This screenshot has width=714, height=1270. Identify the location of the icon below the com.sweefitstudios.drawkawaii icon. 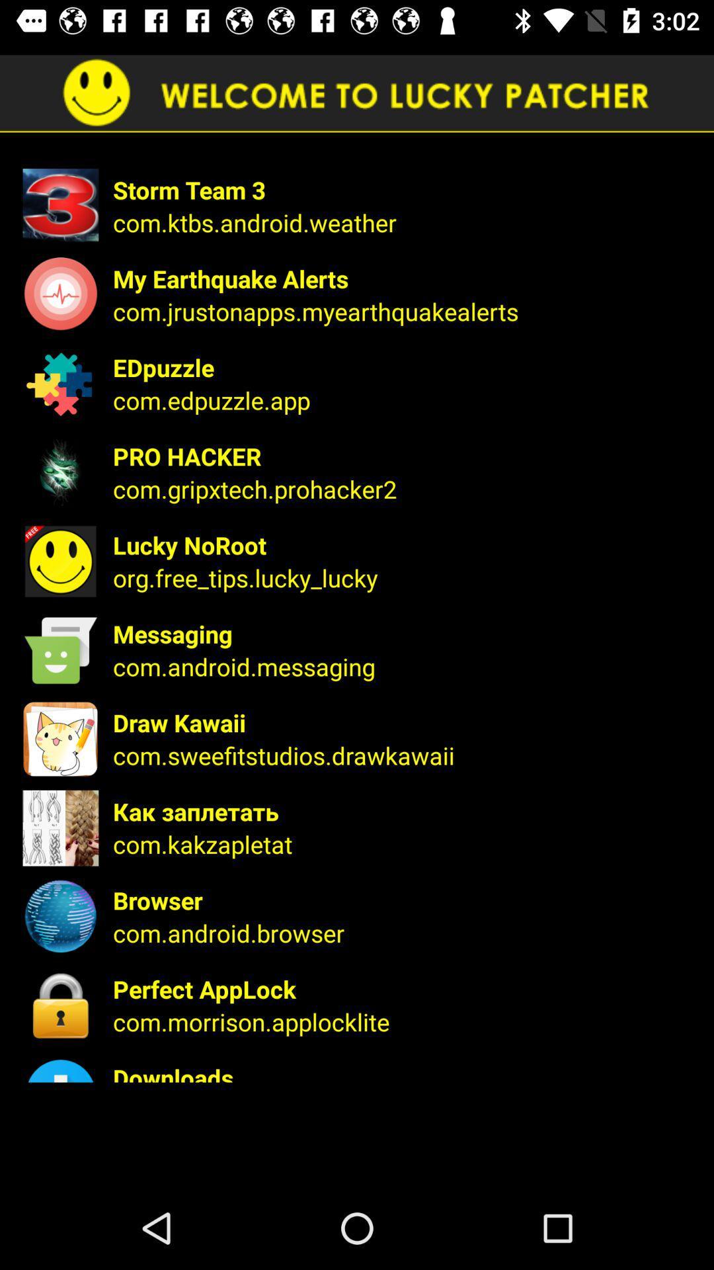
(404, 811).